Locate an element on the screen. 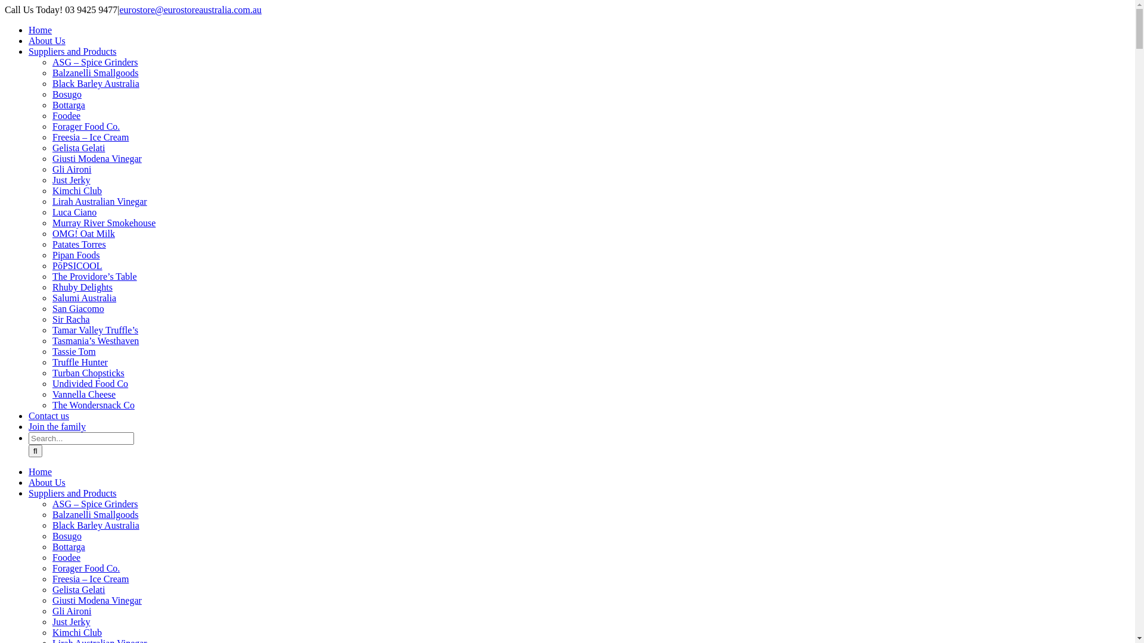 The image size is (1144, 643). 'Contact us' is located at coordinates (48, 415).